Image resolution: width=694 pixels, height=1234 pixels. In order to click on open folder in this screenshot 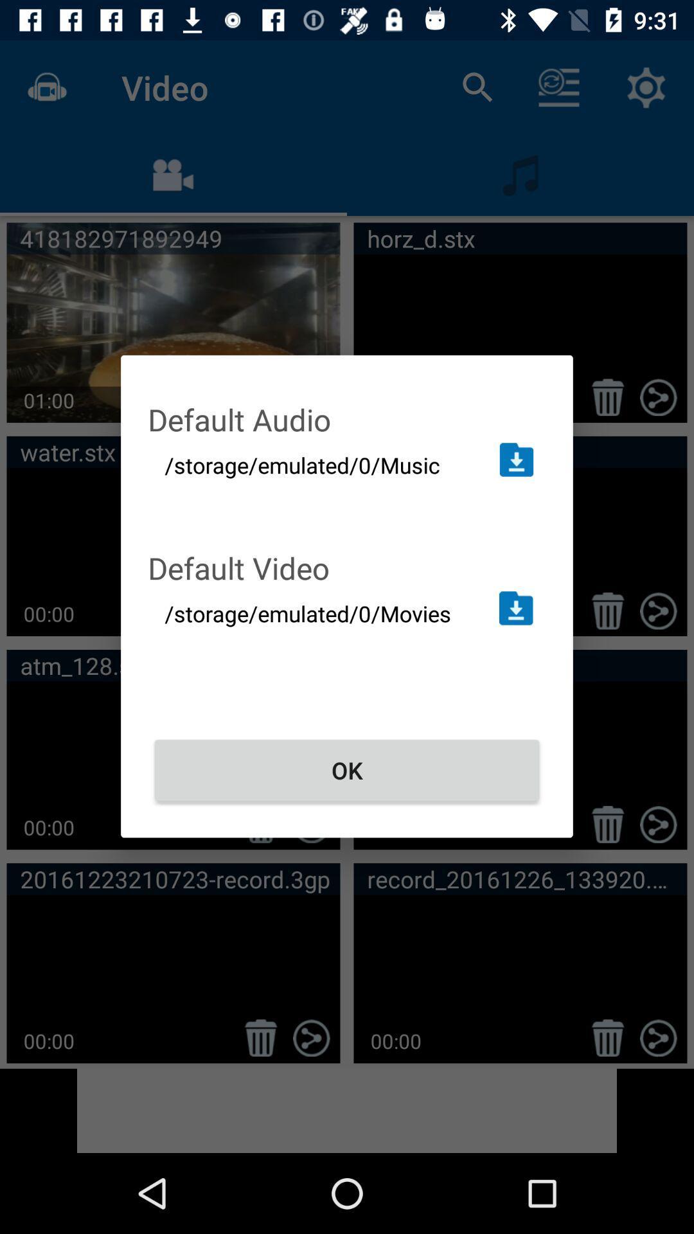, I will do `click(515, 460)`.